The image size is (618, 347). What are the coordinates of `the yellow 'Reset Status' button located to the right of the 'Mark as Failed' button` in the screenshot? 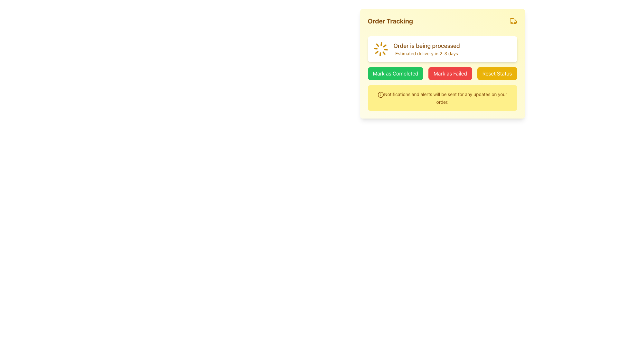 It's located at (497, 73).